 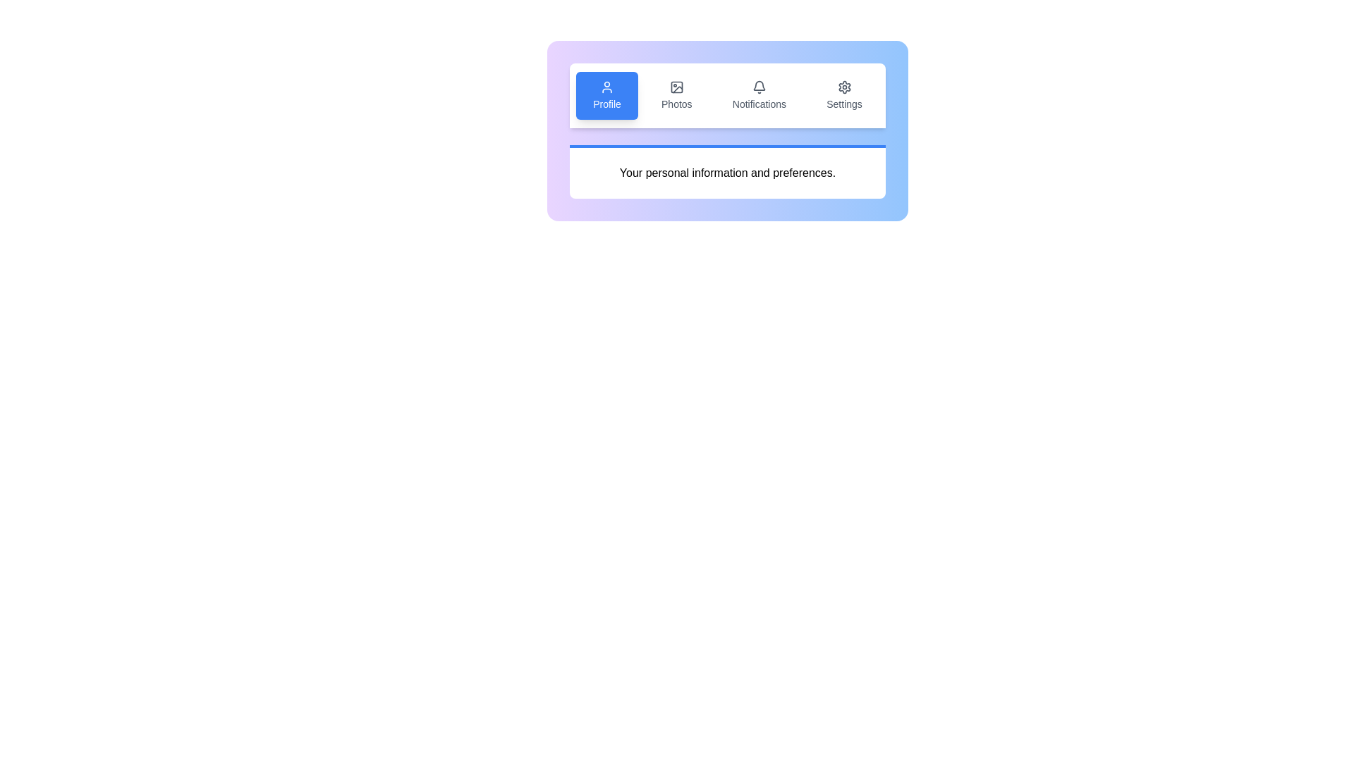 What do you see at coordinates (676, 95) in the screenshot?
I see `the tab labeled Photos to view its content` at bounding box center [676, 95].